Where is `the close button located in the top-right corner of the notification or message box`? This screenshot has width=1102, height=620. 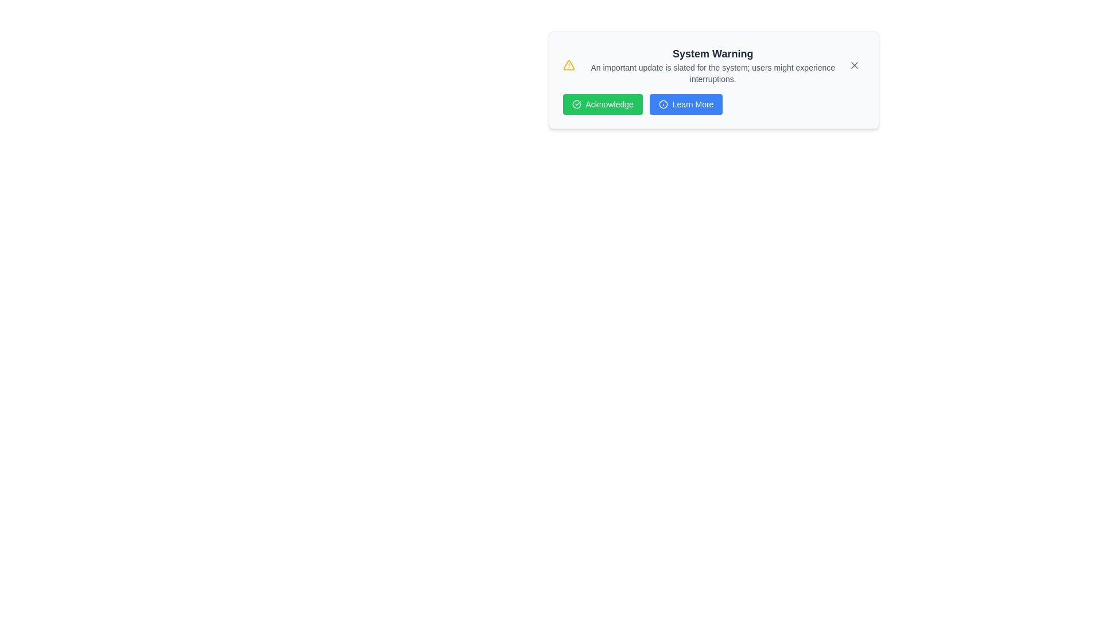 the close button located in the top-right corner of the notification or message box is located at coordinates (854, 65).